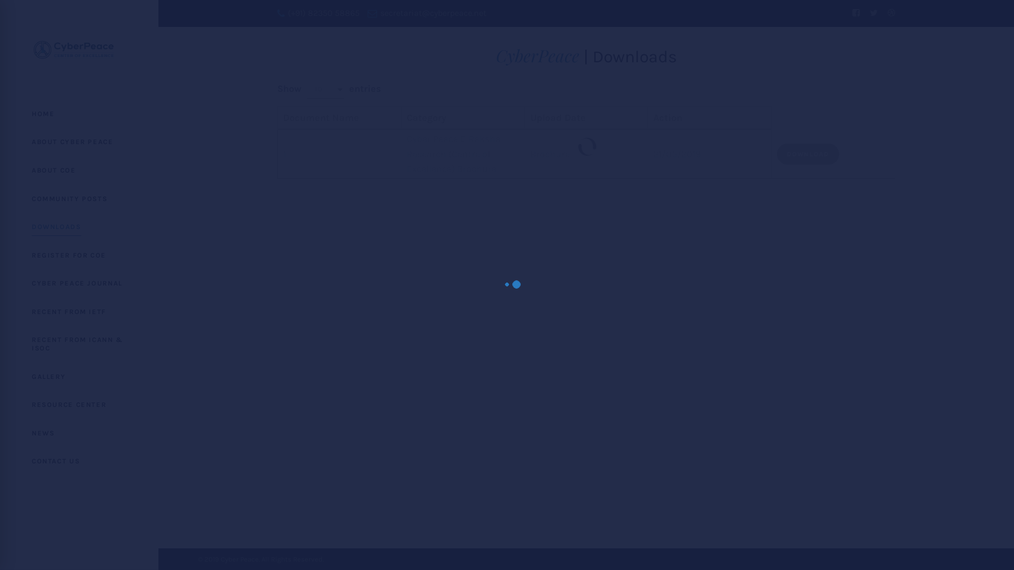 The image size is (1014, 570). Describe the element at coordinates (78, 344) in the screenshot. I see `'RECENT FROM ICANN & ISOC'` at that location.